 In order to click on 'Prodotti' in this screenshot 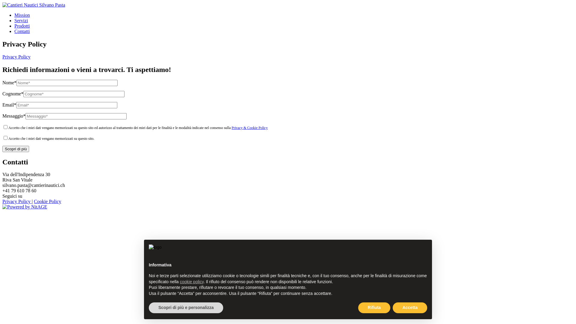, I will do `click(14, 25)`.